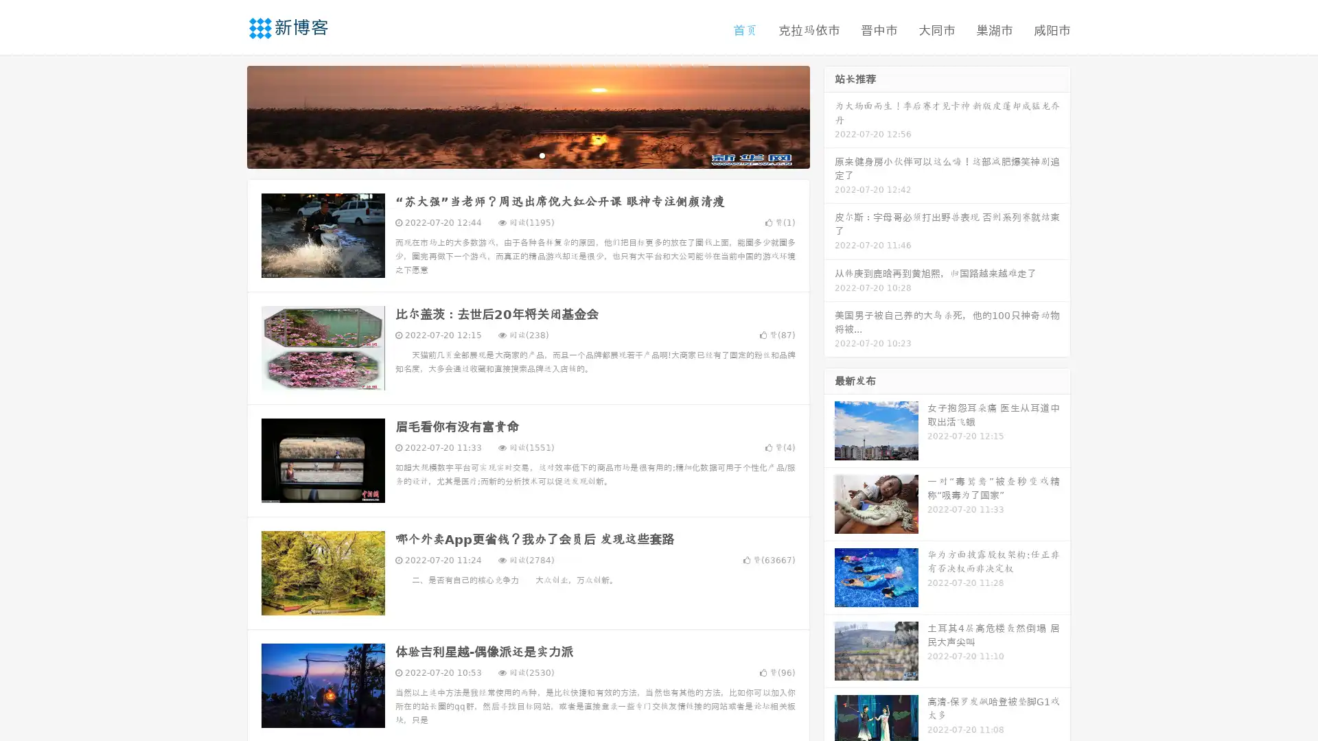  What do you see at coordinates (513, 154) in the screenshot?
I see `Go to slide 1` at bounding box center [513, 154].